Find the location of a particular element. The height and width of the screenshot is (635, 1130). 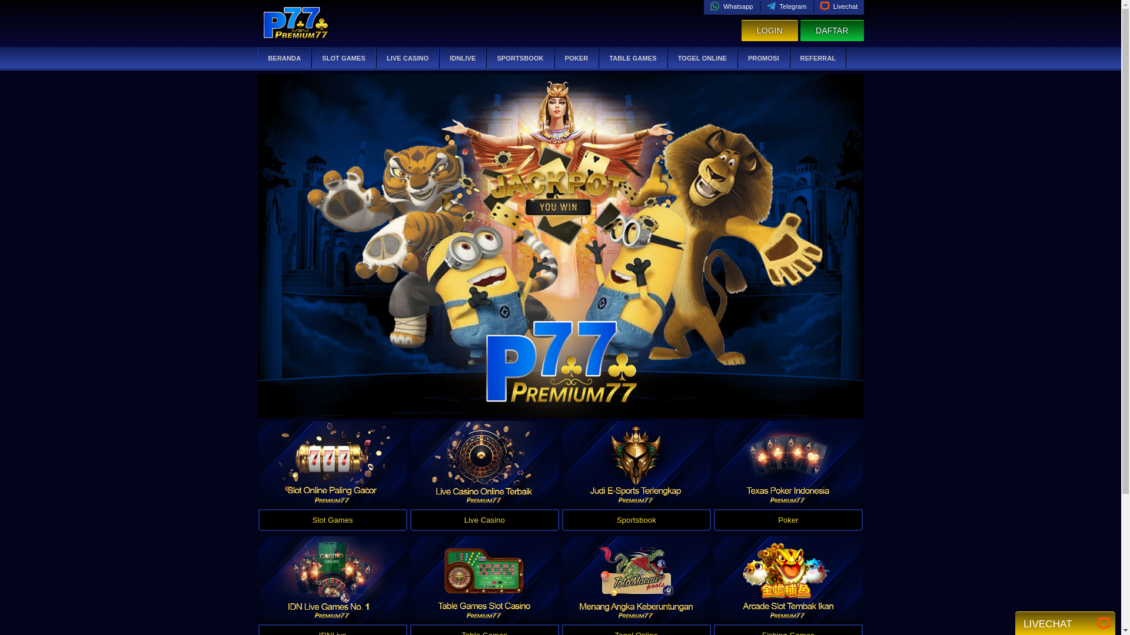

'DAFTAR' is located at coordinates (832, 30).